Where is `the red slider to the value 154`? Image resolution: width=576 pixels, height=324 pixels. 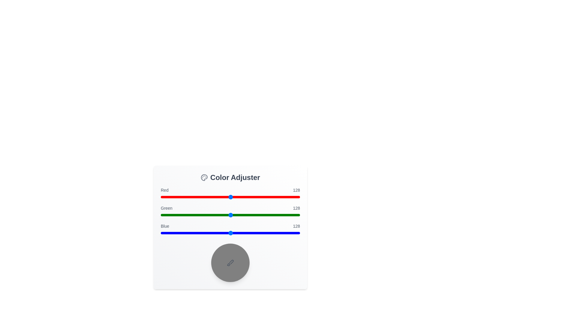
the red slider to the value 154 is located at coordinates (245, 197).